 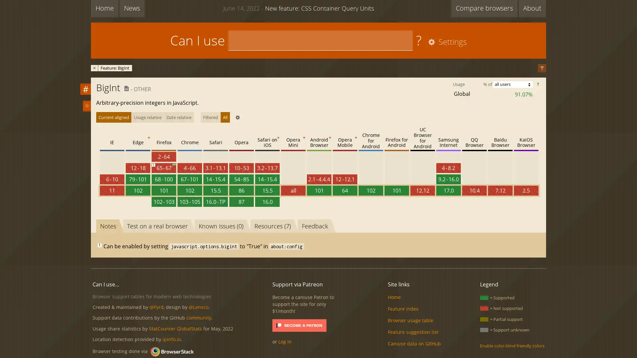 What do you see at coordinates (147, 117) in the screenshot?
I see `Usage relative` at bounding box center [147, 117].